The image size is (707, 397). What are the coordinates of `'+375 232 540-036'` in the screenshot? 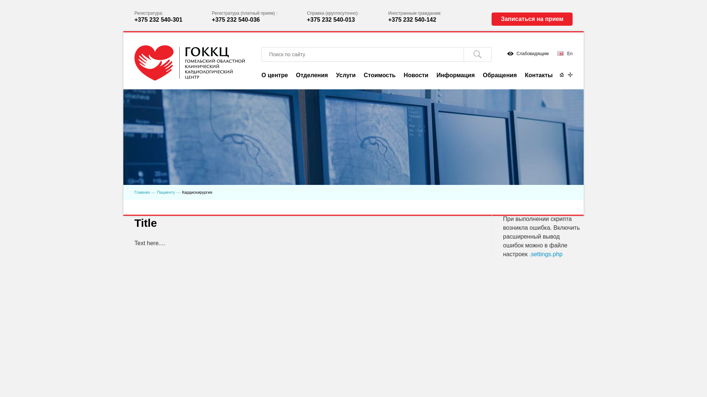 It's located at (211, 19).